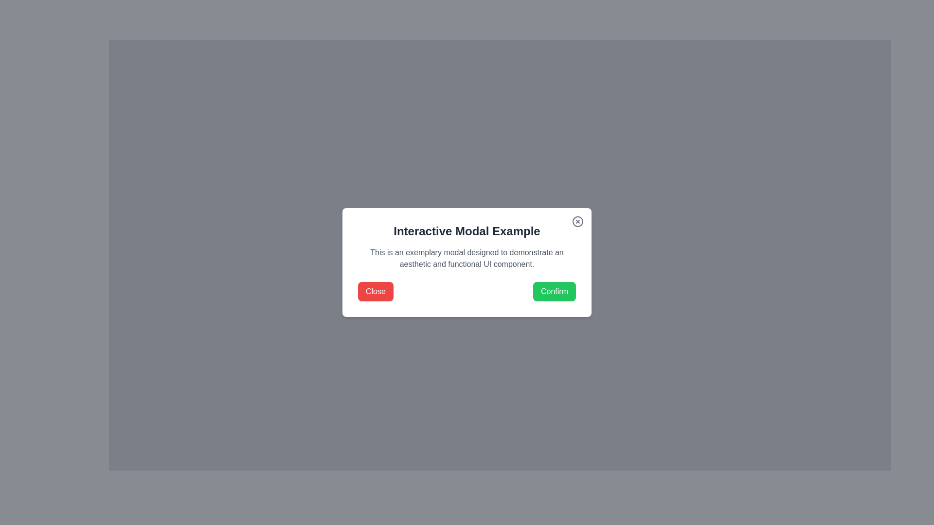  What do you see at coordinates (467, 231) in the screenshot?
I see `text header that displays 'Interactive Modal Example' to understand the context of the modal dialog` at bounding box center [467, 231].